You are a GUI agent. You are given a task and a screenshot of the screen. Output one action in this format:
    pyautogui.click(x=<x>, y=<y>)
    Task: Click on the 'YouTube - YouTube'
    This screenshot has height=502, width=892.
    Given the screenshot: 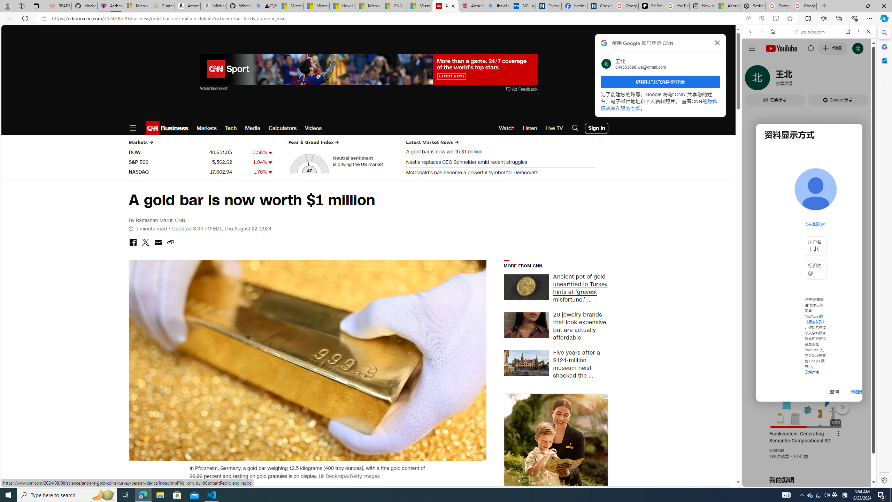 What is the action you would take?
    pyautogui.click(x=806, y=343)
    